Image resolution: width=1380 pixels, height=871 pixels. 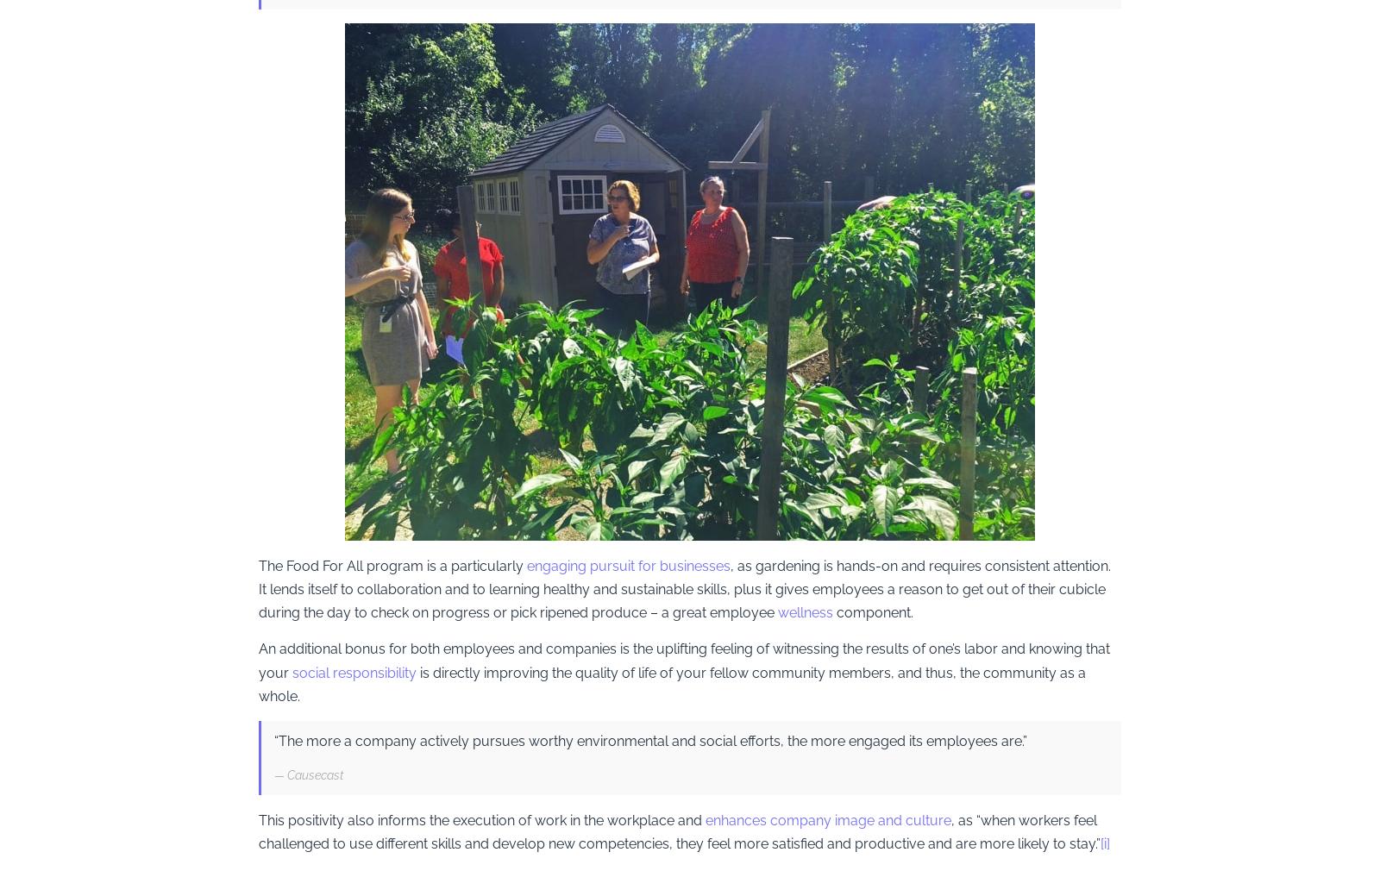 What do you see at coordinates (650, 740) in the screenshot?
I see `'“The more a company actively pursues worthy environmental and social efforts, the more engaged its employees are.”'` at bounding box center [650, 740].